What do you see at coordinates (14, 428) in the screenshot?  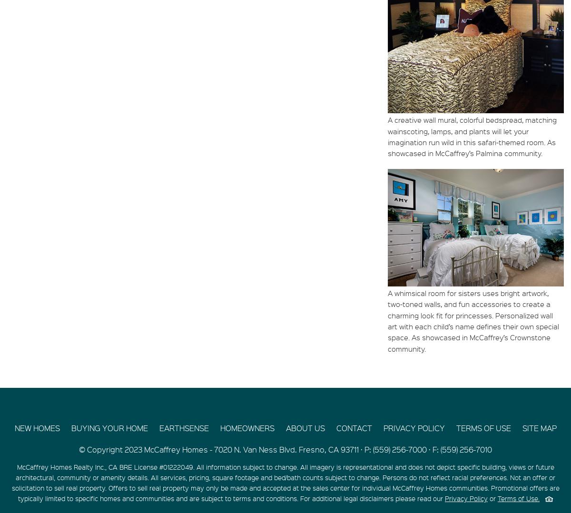 I see `'NEW HOMES'` at bounding box center [14, 428].